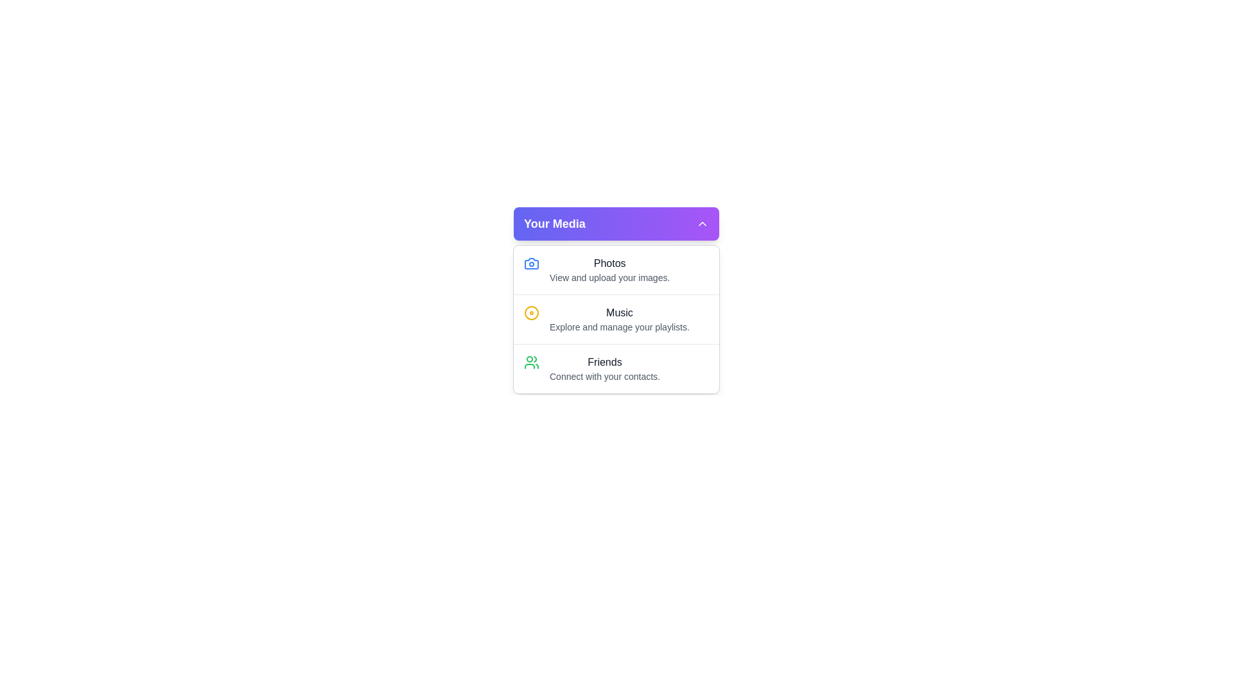 Image resolution: width=1233 pixels, height=693 pixels. Describe the element at coordinates (619, 313) in the screenshot. I see `the 'Music' text label, which is styled with medium font weight and grayish black color, located centrally within the 'Music' section of a vertical card layout` at that location.